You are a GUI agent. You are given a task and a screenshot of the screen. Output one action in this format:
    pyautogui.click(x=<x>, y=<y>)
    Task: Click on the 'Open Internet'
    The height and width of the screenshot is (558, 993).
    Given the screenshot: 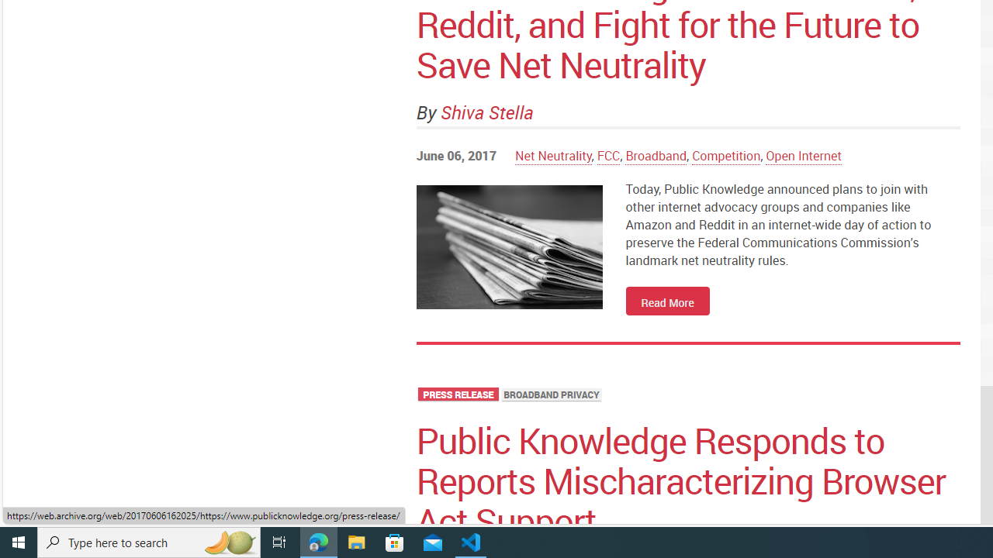 What is the action you would take?
    pyautogui.click(x=804, y=155)
    